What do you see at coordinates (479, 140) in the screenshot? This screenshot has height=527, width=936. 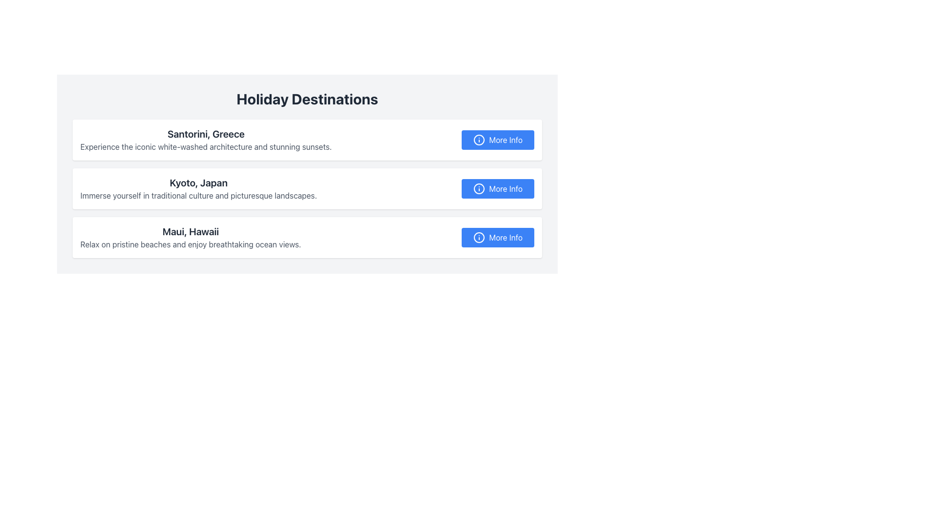 I see `the Decorative Circle that is part of the 'info' icon for the first entry in the list corresponding to 'Santorini, Greece'` at bounding box center [479, 140].